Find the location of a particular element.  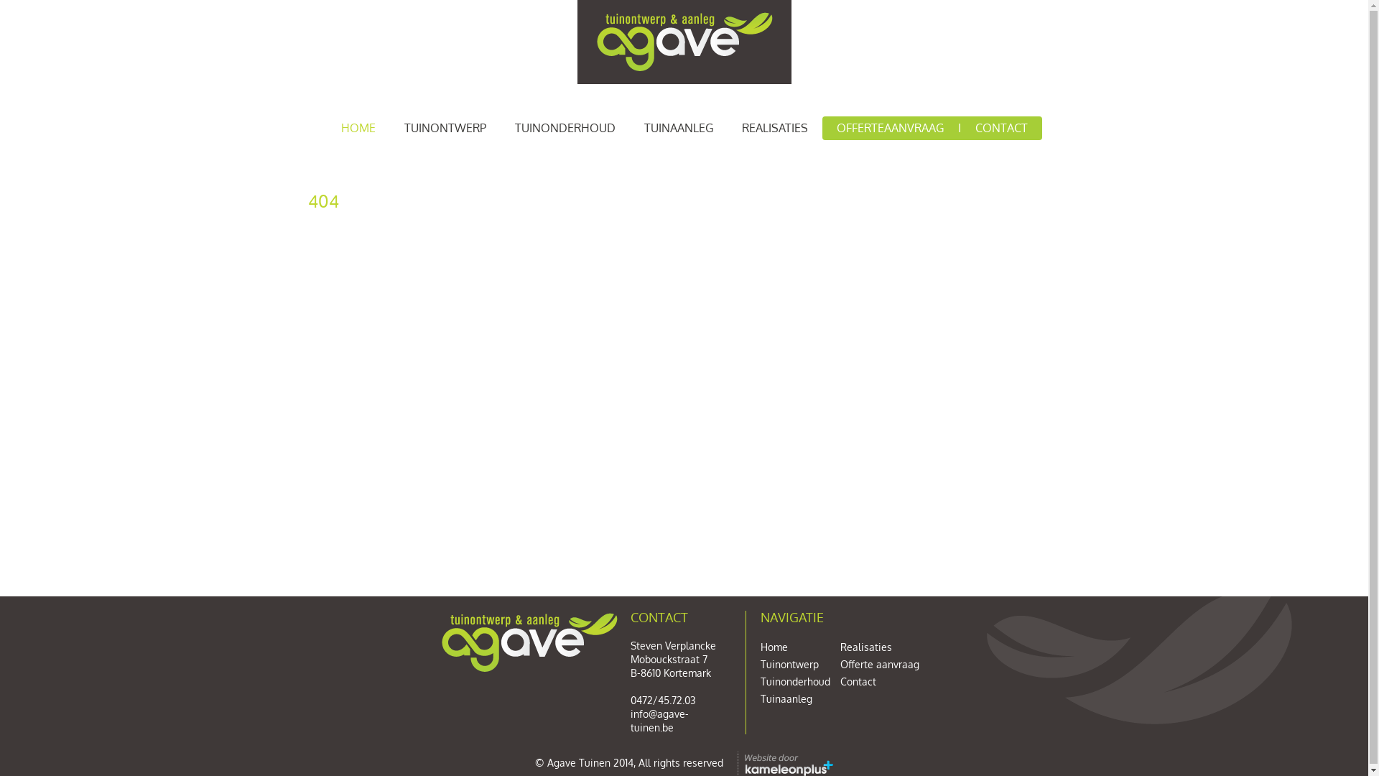

'Tuinonderhoud' is located at coordinates (794, 680).